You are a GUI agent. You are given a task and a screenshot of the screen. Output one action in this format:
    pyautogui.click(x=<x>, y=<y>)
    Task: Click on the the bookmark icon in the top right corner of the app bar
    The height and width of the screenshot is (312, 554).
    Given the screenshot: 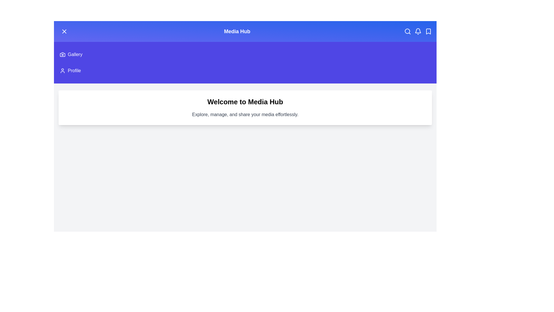 What is the action you would take?
    pyautogui.click(x=428, y=31)
    